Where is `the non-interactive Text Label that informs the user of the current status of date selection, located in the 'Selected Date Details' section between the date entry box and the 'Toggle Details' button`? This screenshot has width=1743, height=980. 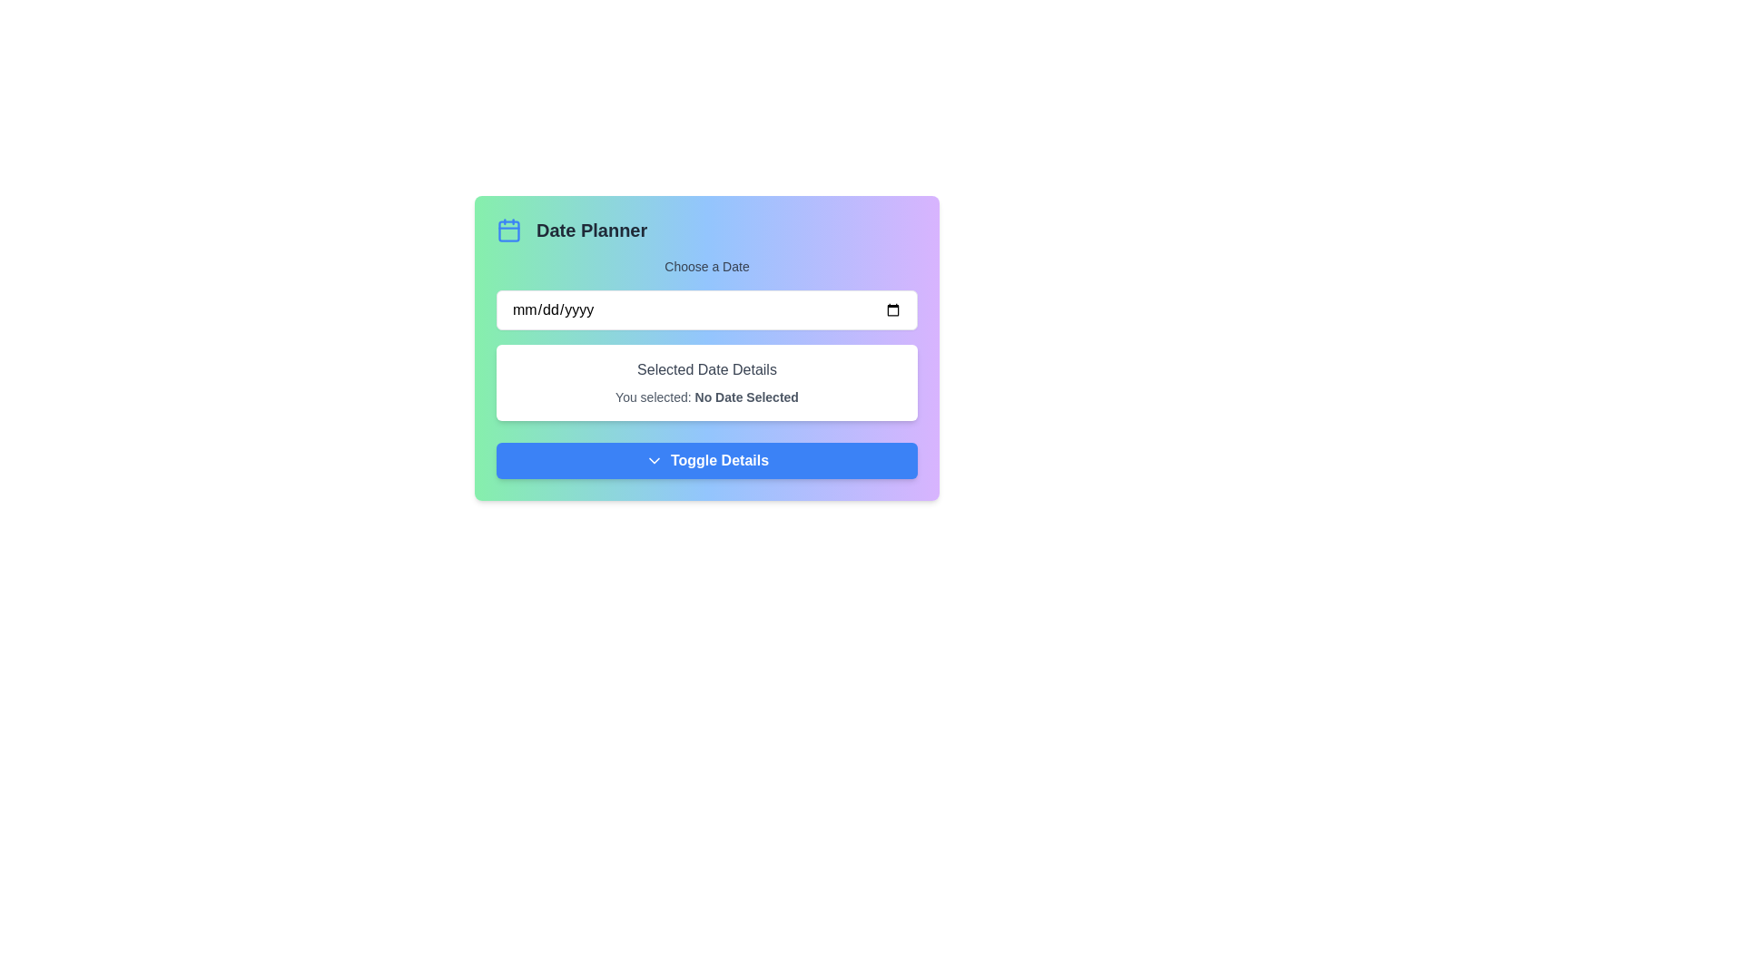
the non-interactive Text Label that informs the user of the current status of date selection, located in the 'Selected Date Details' section between the date entry box and the 'Toggle Details' button is located at coordinates (746, 397).